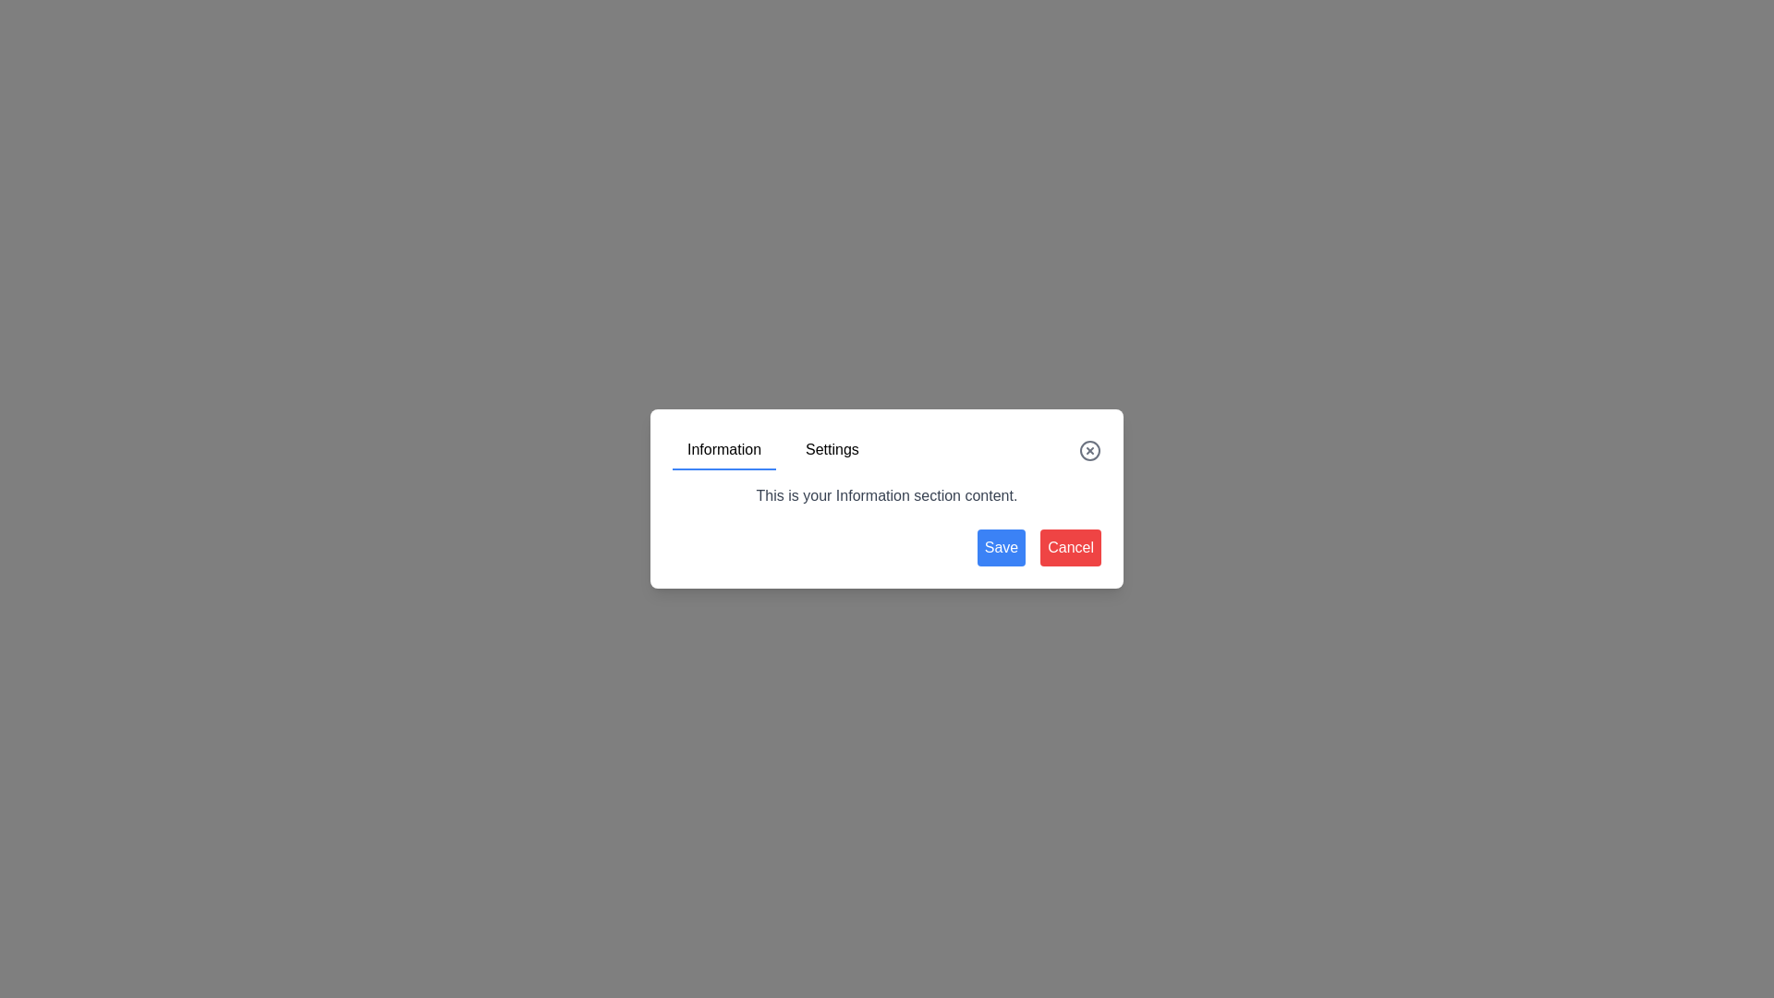  What do you see at coordinates (772, 451) in the screenshot?
I see `the 'Information' tab in the tabbed navigation bar` at bounding box center [772, 451].